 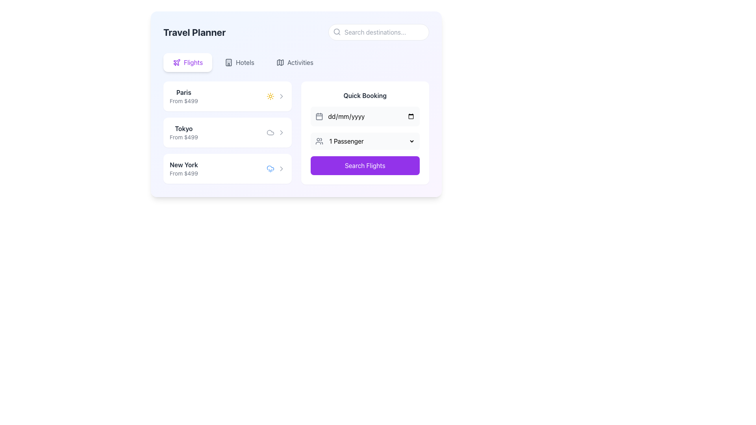 What do you see at coordinates (183, 101) in the screenshot?
I see `starting price text displayed below the 'Paris' heading in the travel planner section` at bounding box center [183, 101].